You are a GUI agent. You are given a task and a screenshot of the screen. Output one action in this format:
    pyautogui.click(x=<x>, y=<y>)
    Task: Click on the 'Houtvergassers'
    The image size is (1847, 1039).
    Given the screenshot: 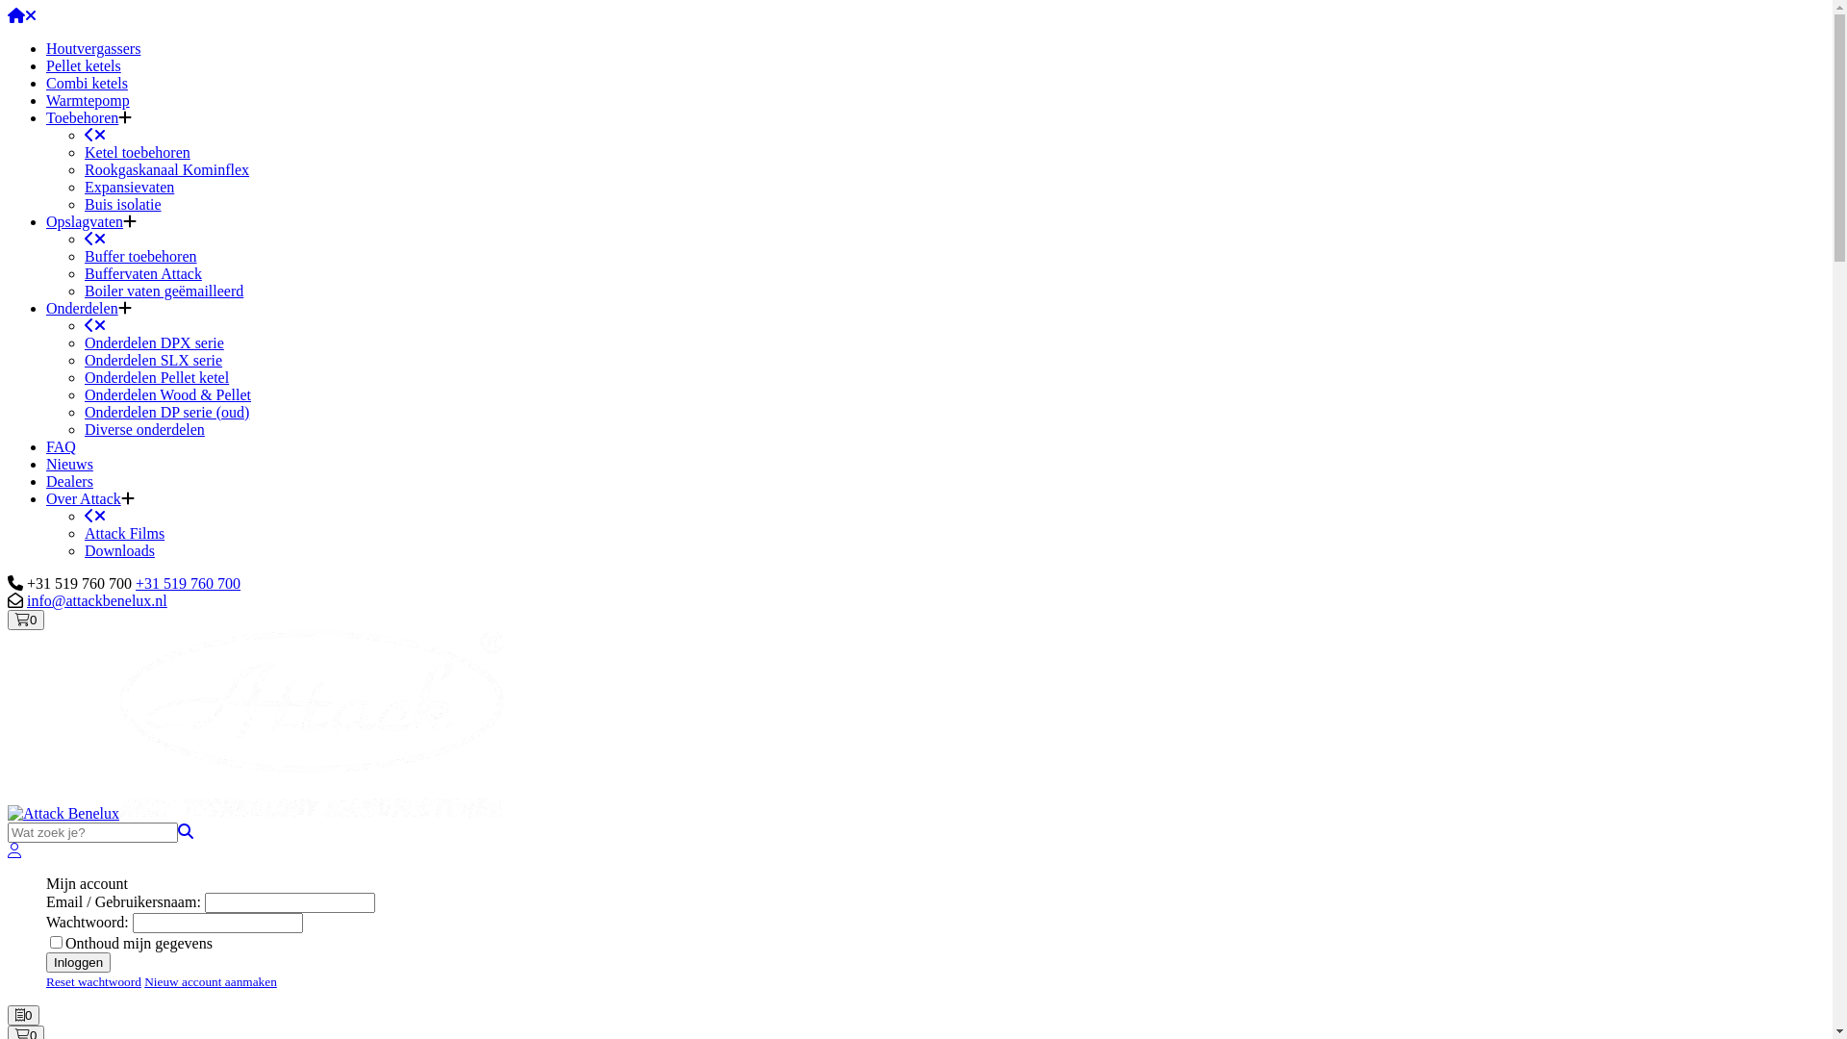 What is the action you would take?
    pyautogui.click(x=46, y=47)
    